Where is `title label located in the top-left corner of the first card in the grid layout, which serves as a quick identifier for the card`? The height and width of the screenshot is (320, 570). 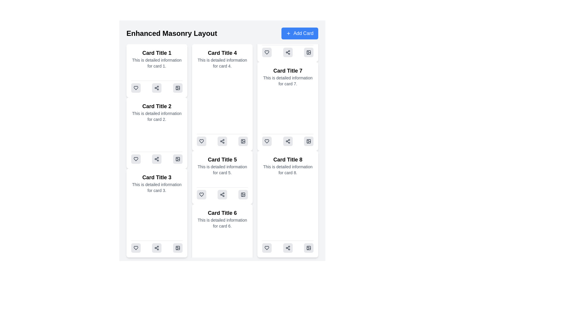
title label located in the top-left corner of the first card in the grid layout, which serves as a quick identifier for the card is located at coordinates (157, 52).